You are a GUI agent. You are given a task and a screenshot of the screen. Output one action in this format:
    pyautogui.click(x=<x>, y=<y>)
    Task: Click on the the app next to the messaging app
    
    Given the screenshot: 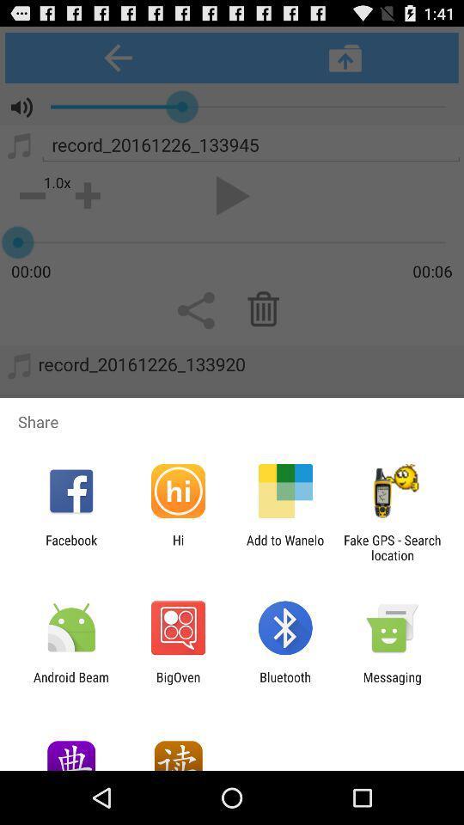 What is the action you would take?
    pyautogui.click(x=285, y=684)
    